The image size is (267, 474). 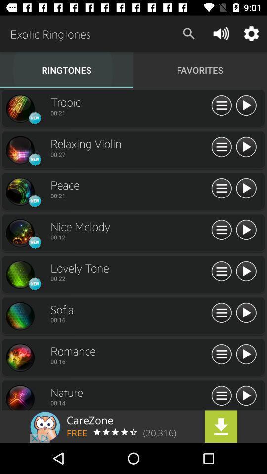 What do you see at coordinates (20, 357) in the screenshot?
I see `artist profile` at bounding box center [20, 357].